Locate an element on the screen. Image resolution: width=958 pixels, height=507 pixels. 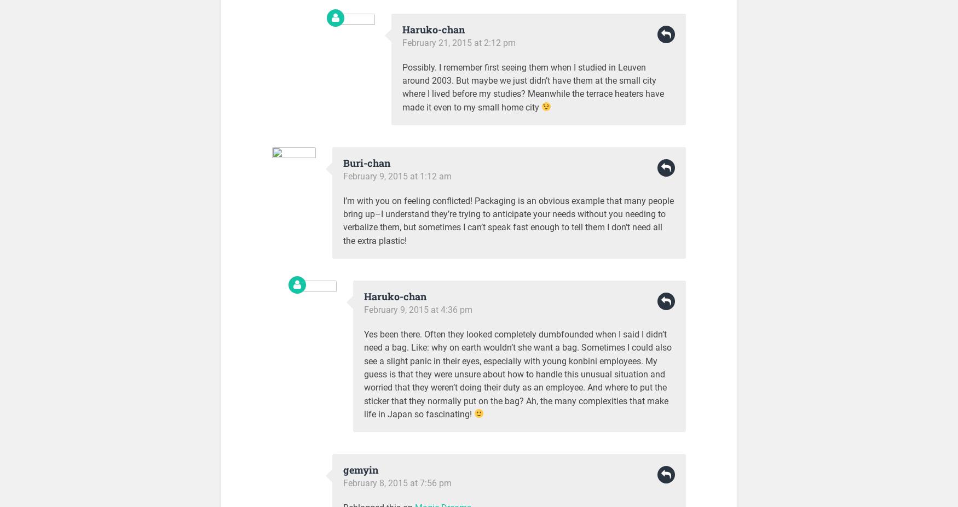
'Possibly. I remember first seeing them when I studied in Leuven around 2003. But maybe we just didn’t have them at the small city where I lived before my studies? Meanwhile the terrace heaters have made it even to my small home city' is located at coordinates (533, 86).